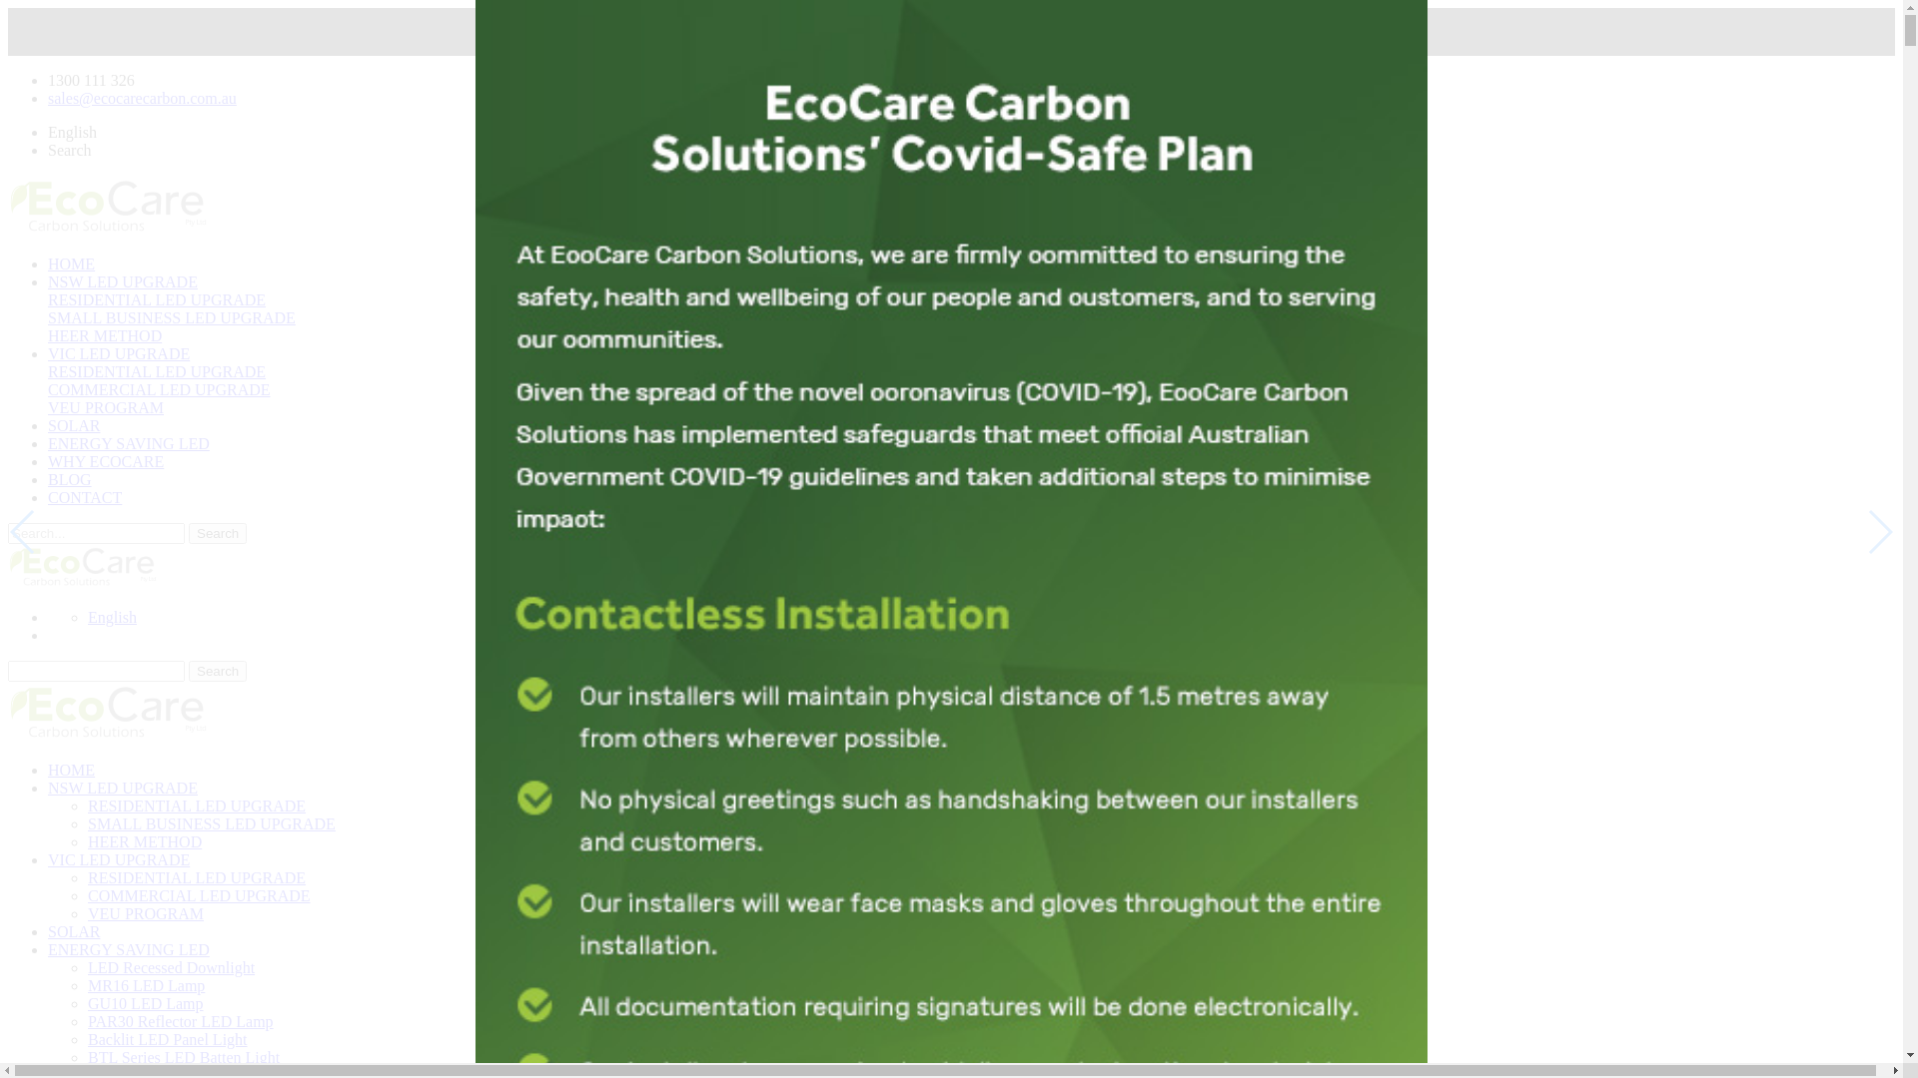 This screenshot has width=1918, height=1078. I want to click on 'LED Recessed Downlight', so click(171, 966).